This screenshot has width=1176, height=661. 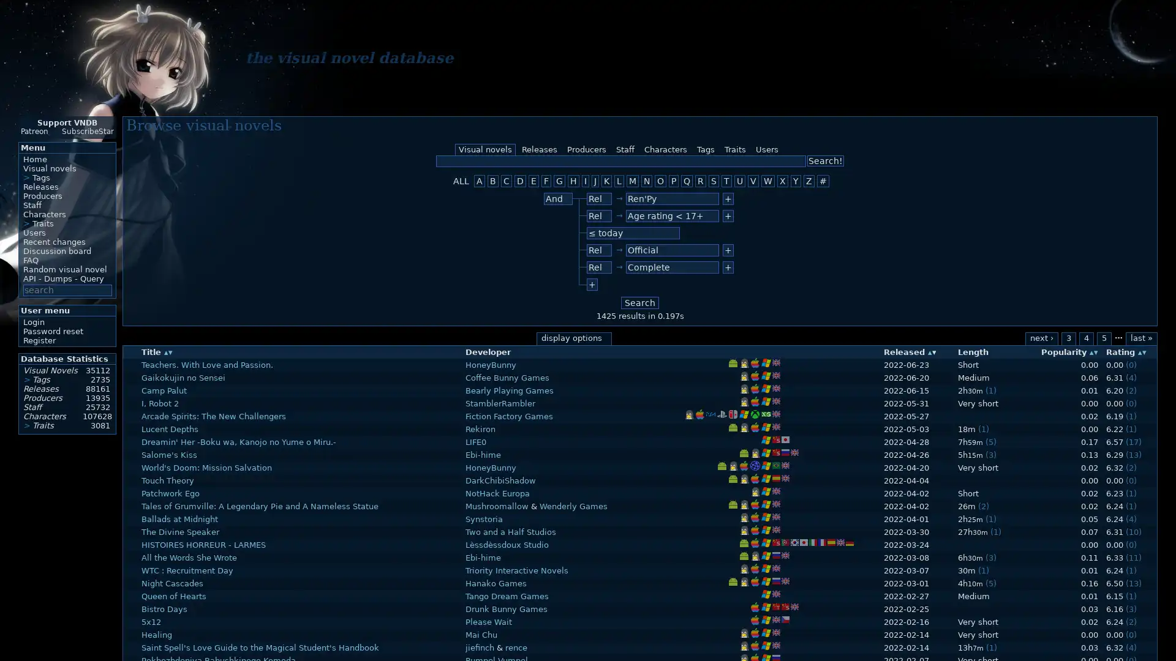 What do you see at coordinates (823, 181) in the screenshot?
I see `#` at bounding box center [823, 181].